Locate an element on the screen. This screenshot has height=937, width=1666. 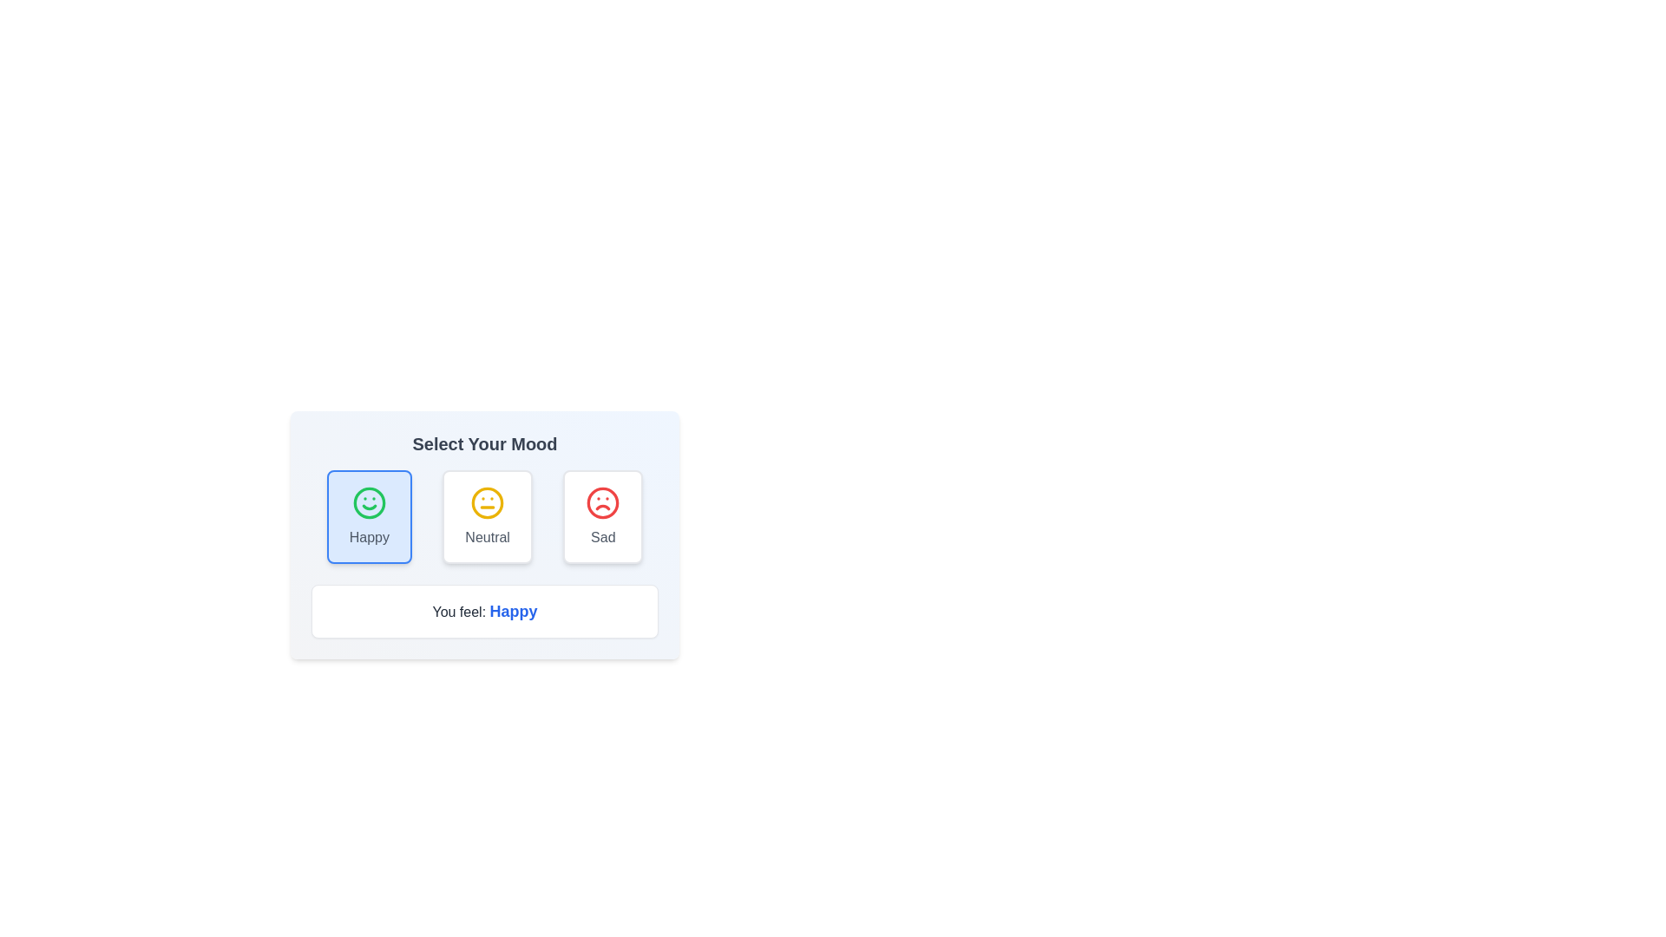
the Text Label that introduces the user-selected mood statement located at the bottom of the main interface area, to the left of the 'Happy' text element is located at coordinates (461, 611).